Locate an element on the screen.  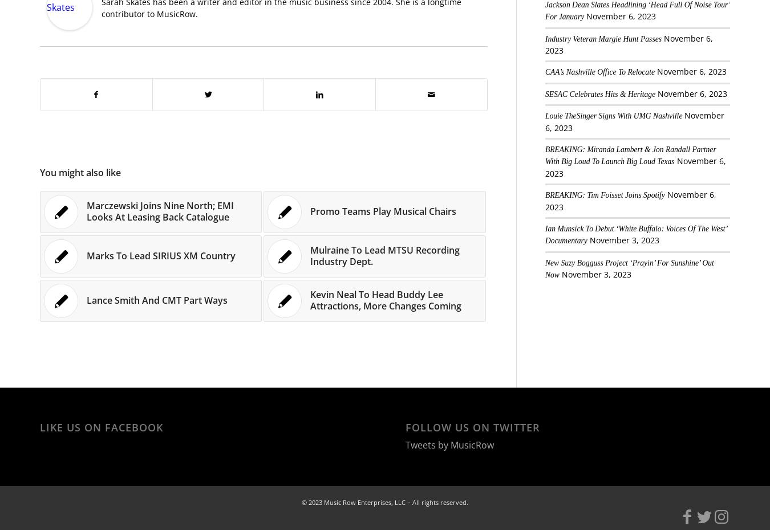
'Jackson Dean Slates Headlining ‘Head Full Of Noise Tour’ For January' is located at coordinates (637, 10).